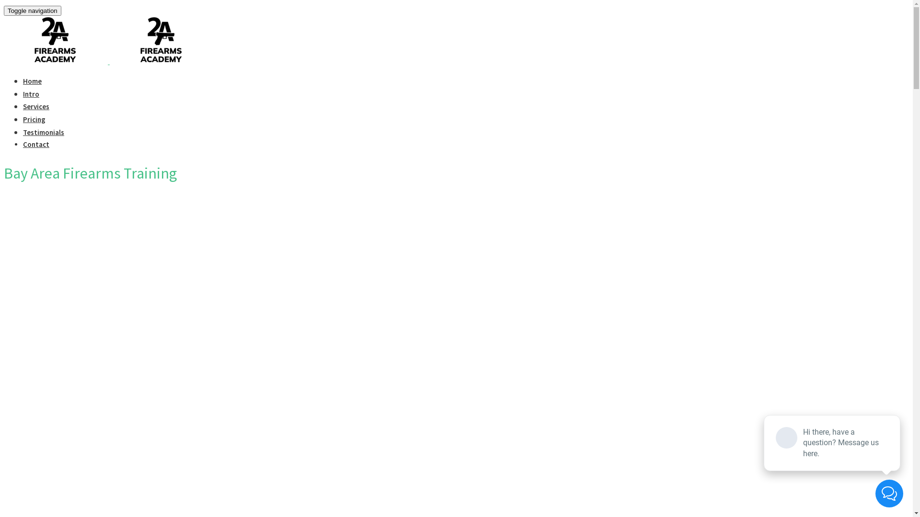  I want to click on 'Pricing', so click(34, 119).